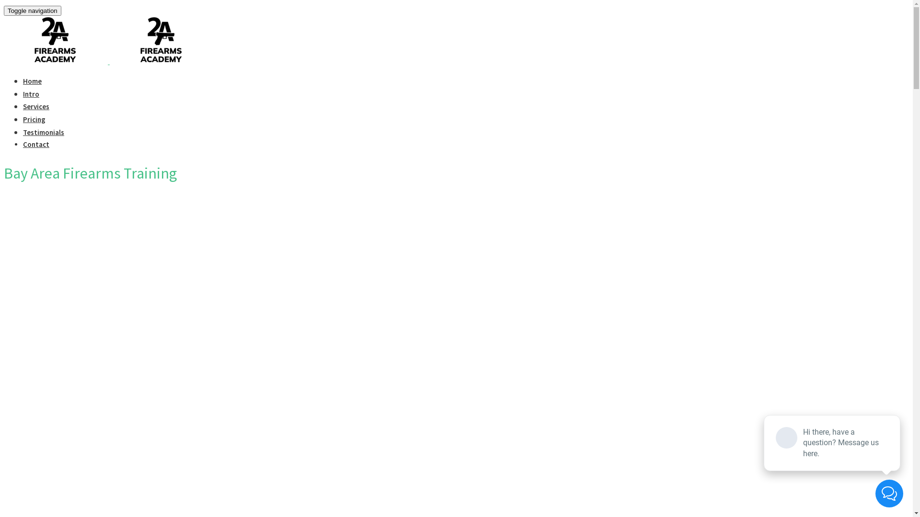  I want to click on 'Pricing', so click(34, 119).